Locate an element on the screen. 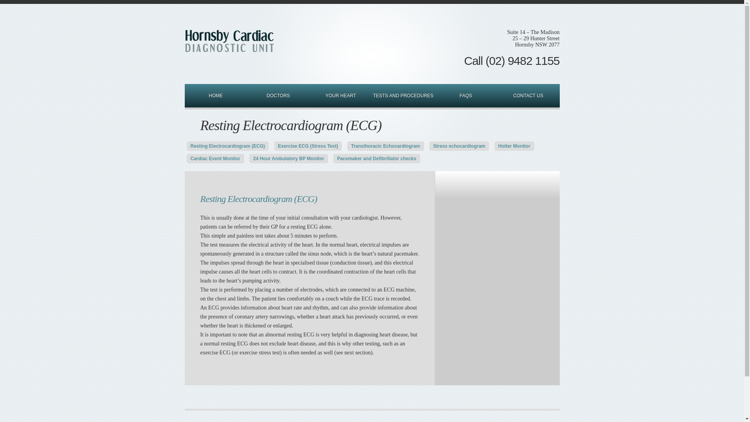 This screenshot has height=422, width=750. 'Transthoracic Echocardiogram' is located at coordinates (386, 146).